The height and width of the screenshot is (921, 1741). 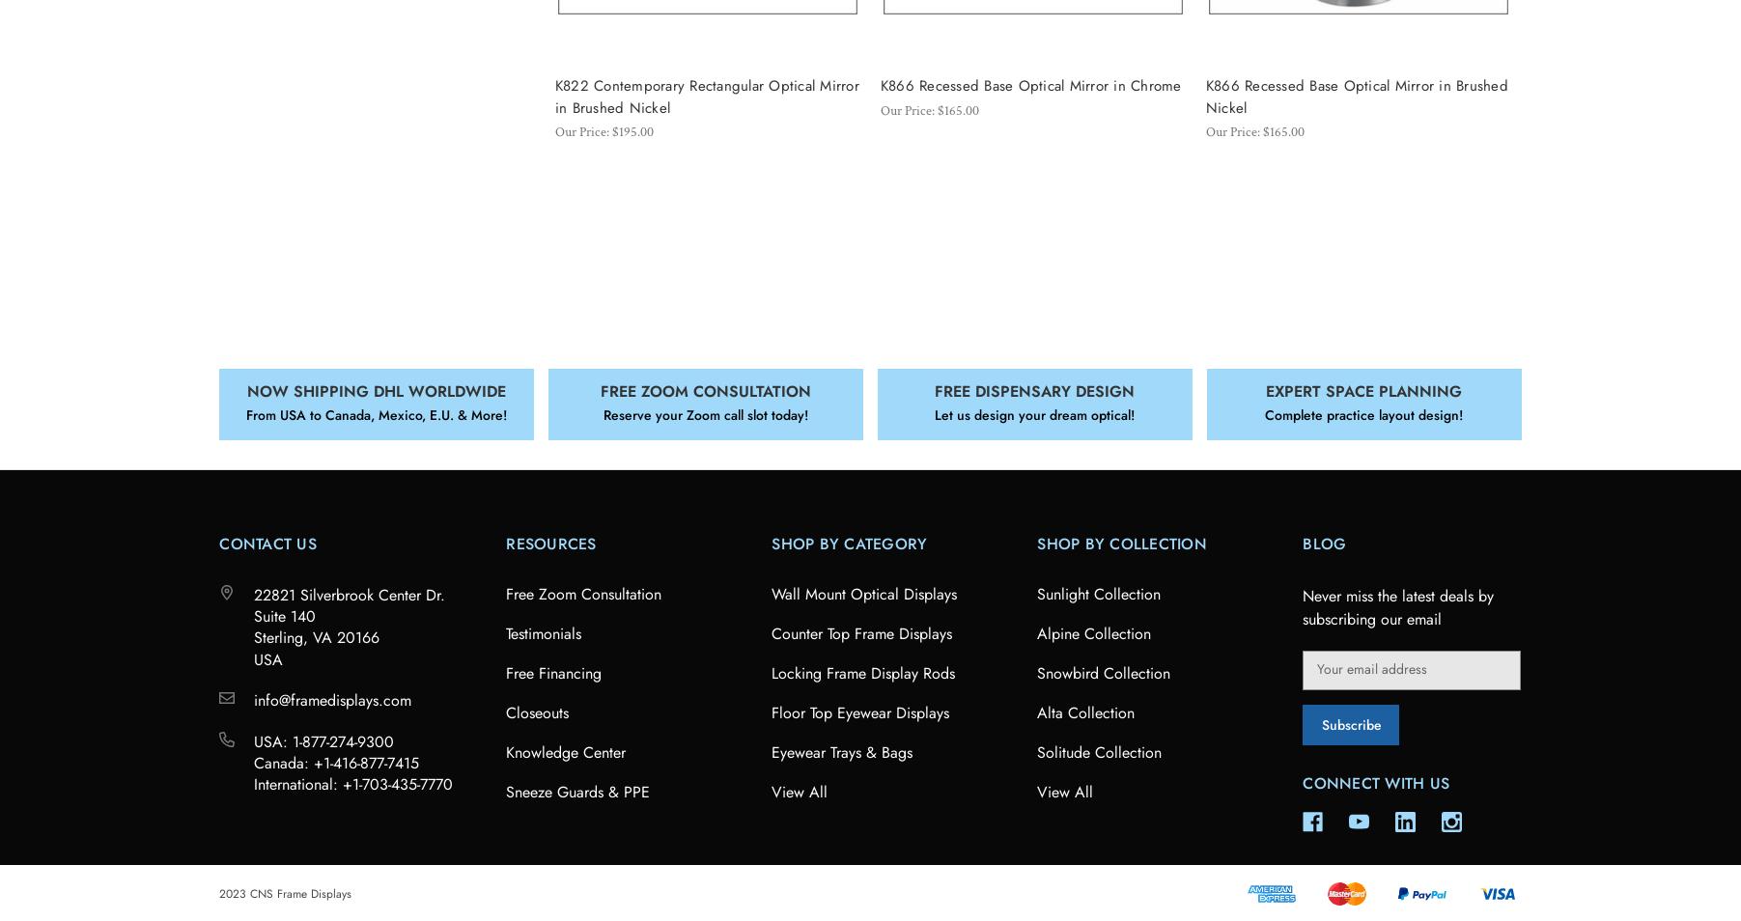 What do you see at coordinates (342, 740) in the screenshot?
I see `'1-877-274-9300'` at bounding box center [342, 740].